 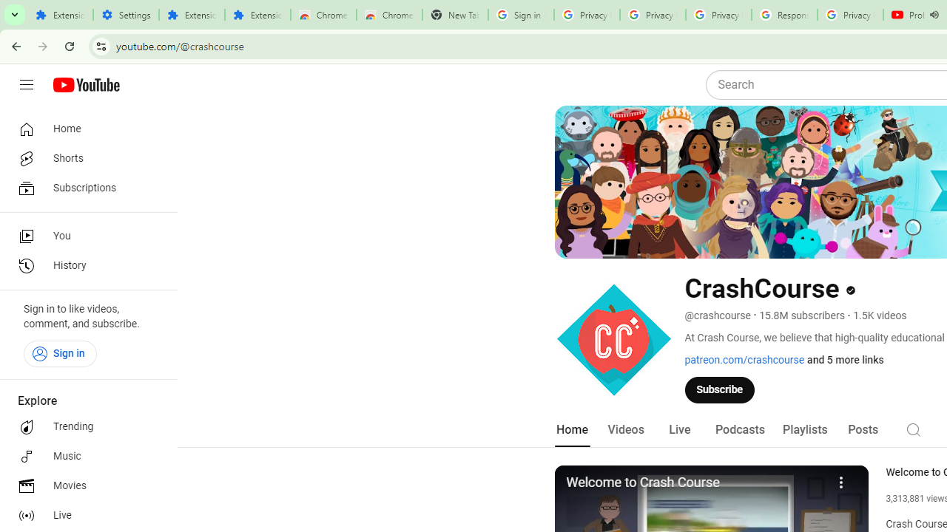 What do you see at coordinates (26, 85) in the screenshot?
I see `'Guide'` at bounding box center [26, 85].